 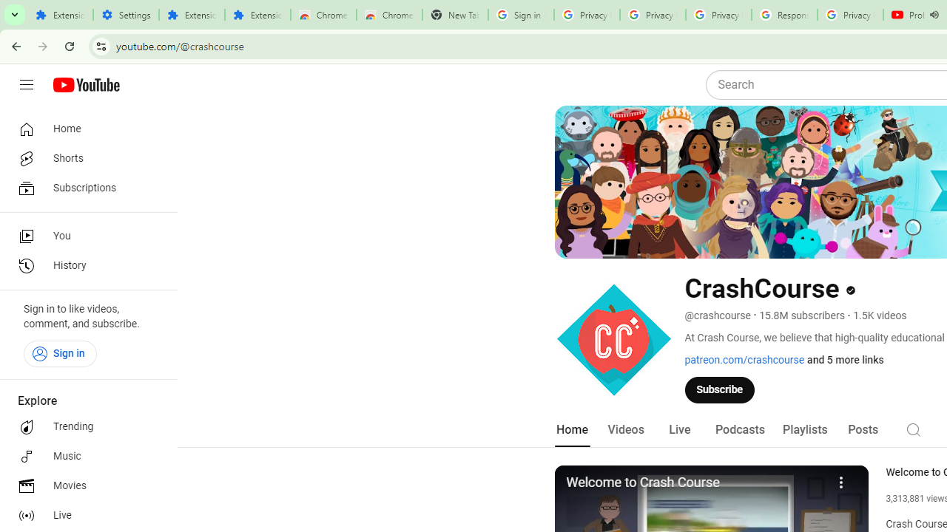 What do you see at coordinates (26, 85) in the screenshot?
I see `'Guide'` at bounding box center [26, 85].